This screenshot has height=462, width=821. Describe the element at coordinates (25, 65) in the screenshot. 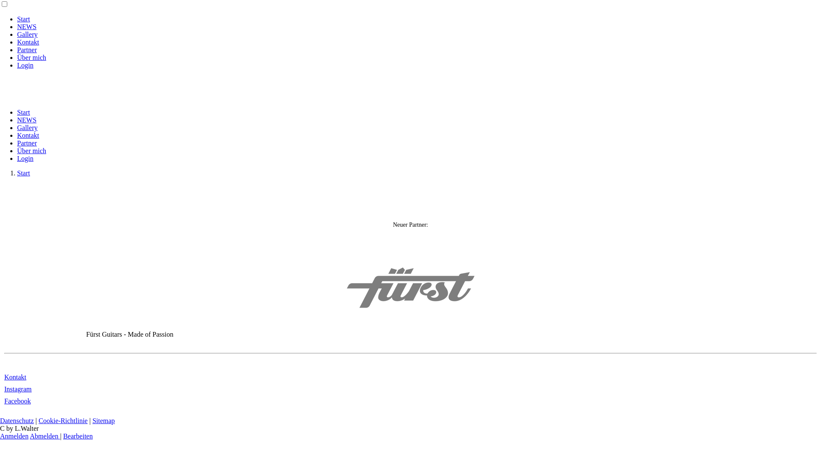

I see `'Login'` at that location.